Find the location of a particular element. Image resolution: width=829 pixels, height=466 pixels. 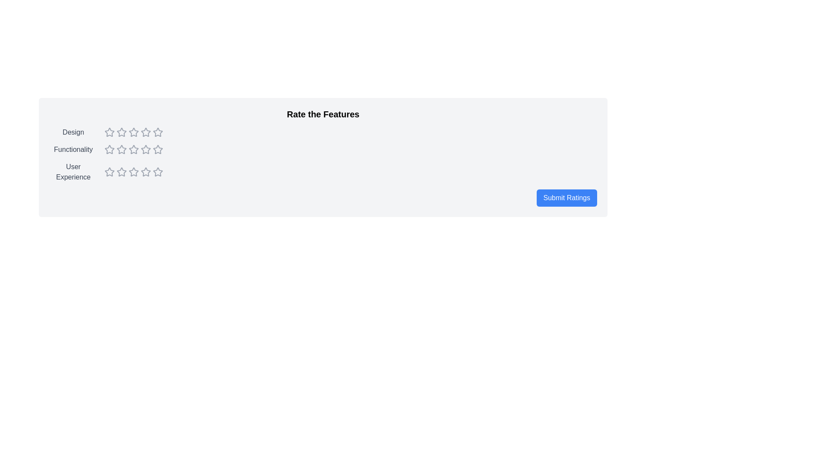

the third star-shaped Rating Icon in the User Experience rating category is located at coordinates (121, 172).